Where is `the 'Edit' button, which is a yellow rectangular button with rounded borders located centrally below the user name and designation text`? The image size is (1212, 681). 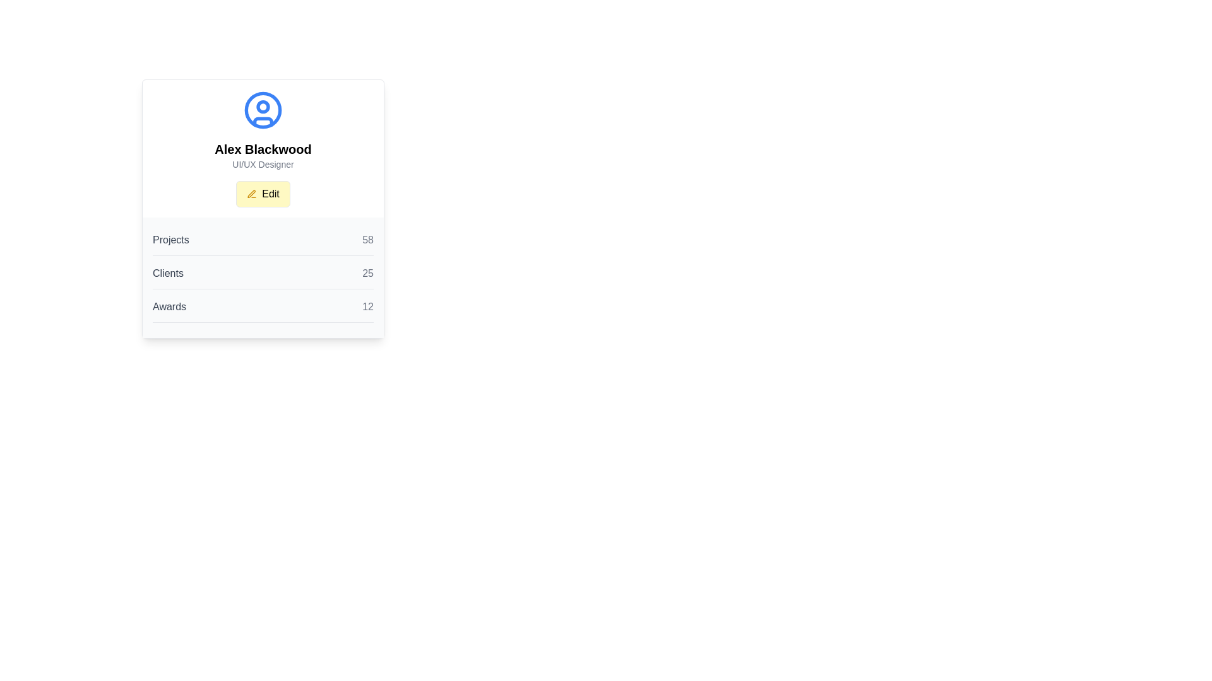 the 'Edit' button, which is a yellow rectangular button with rounded borders located centrally below the user name and designation text is located at coordinates (263, 194).